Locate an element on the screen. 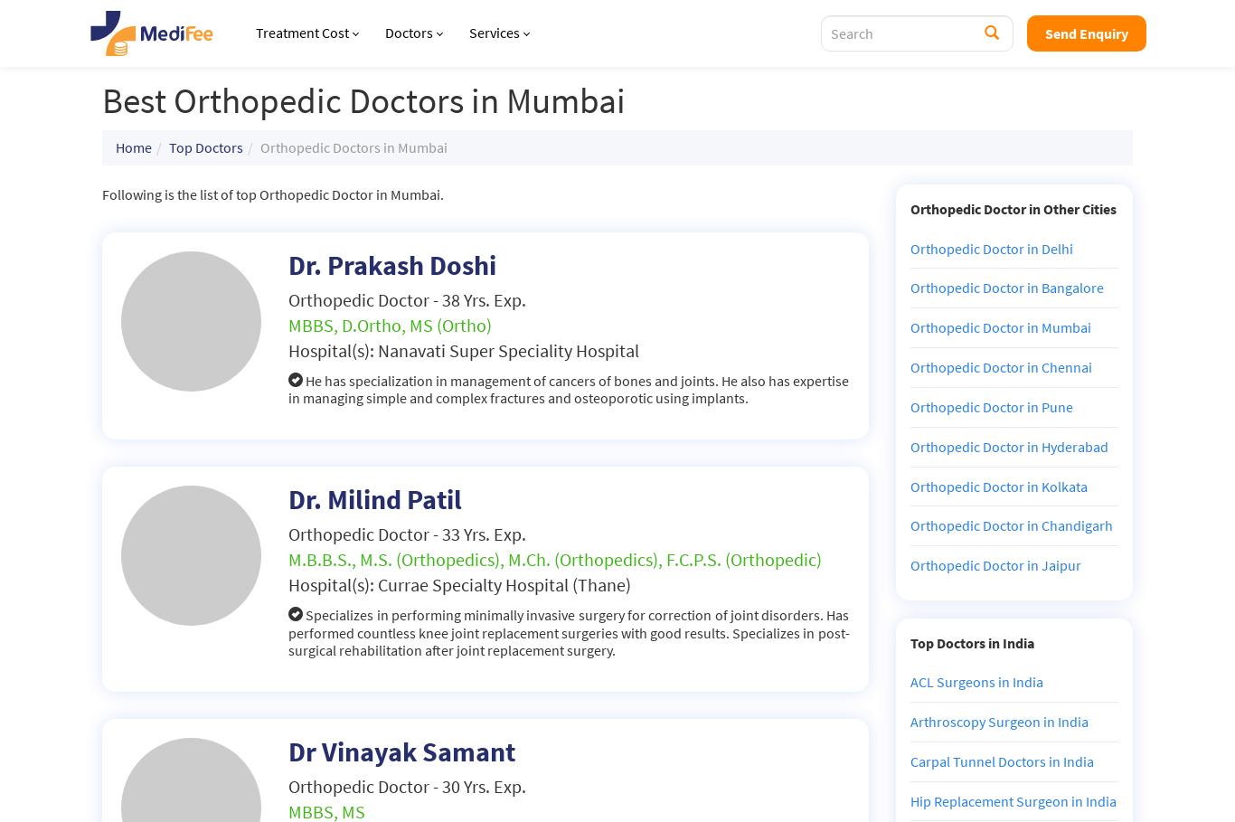  'Carpal Tunnel Doctors in India' is located at coordinates (1000, 760).